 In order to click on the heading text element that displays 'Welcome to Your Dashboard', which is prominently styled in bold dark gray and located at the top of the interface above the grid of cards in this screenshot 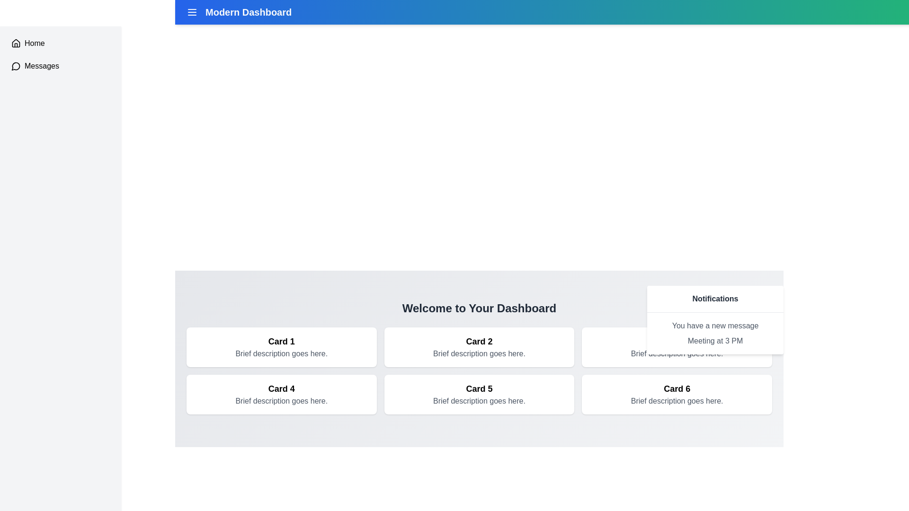, I will do `click(479, 308)`.